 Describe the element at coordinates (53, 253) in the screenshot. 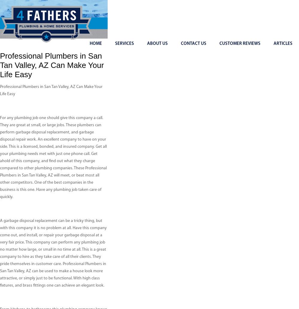

I see `'A garbage disposal replacement can be a tricky thing, but with this company it is no problem at all. Have this company come out, and install, or repair your garbage disposal at a very fair price. This company can perform any plumbing job no matter how large, or small in no time at all. This is a great company to hire as they take care of all their clients. They pride themselves in customer care. Professional Plumbers in San Tan Valley, AZ can be used to make a house look more attractive, or simply just to be functional. With high class fixtures, and brass fittings one can achieve an elegant look.'` at that location.